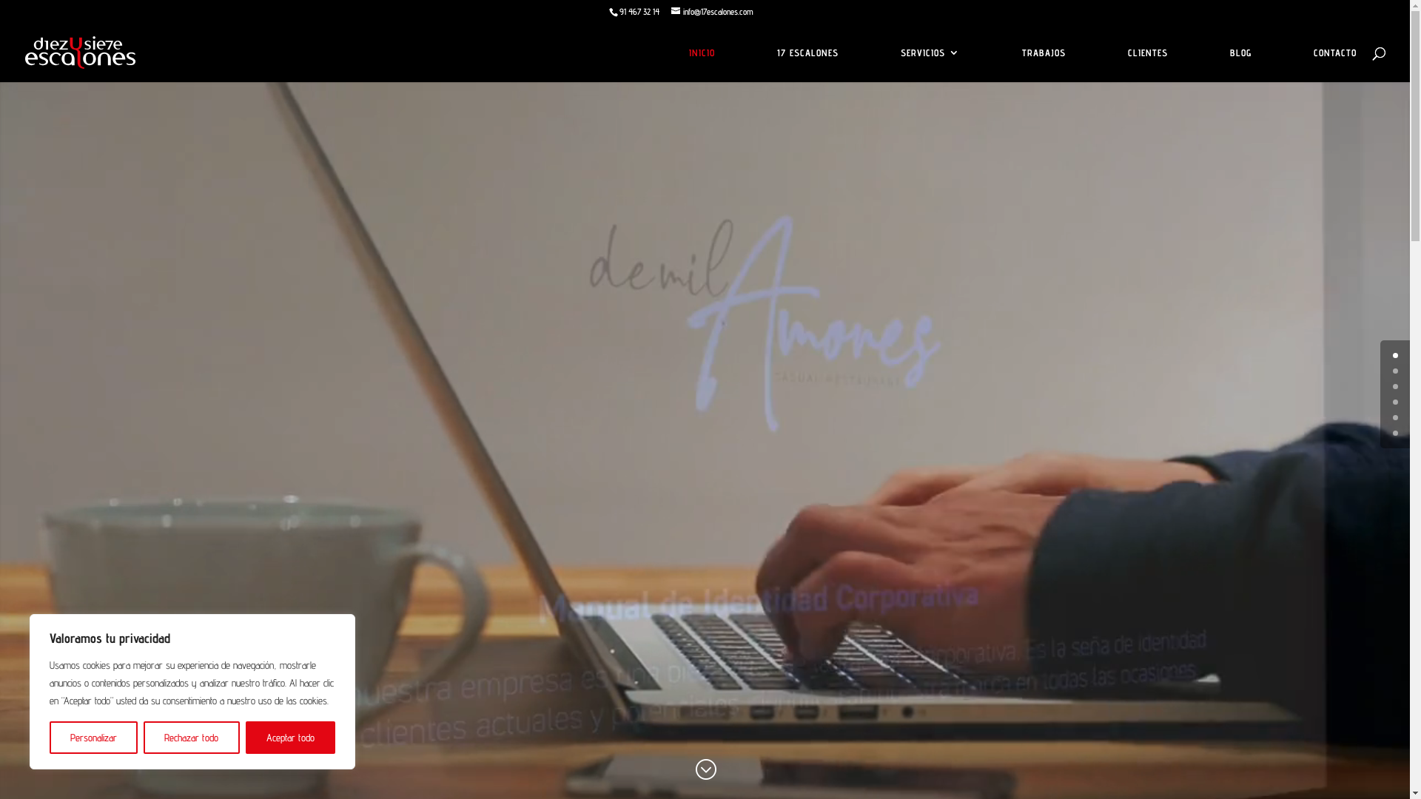  What do you see at coordinates (711, 11) in the screenshot?
I see `'info@17escalones.com'` at bounding box center [711, 11].